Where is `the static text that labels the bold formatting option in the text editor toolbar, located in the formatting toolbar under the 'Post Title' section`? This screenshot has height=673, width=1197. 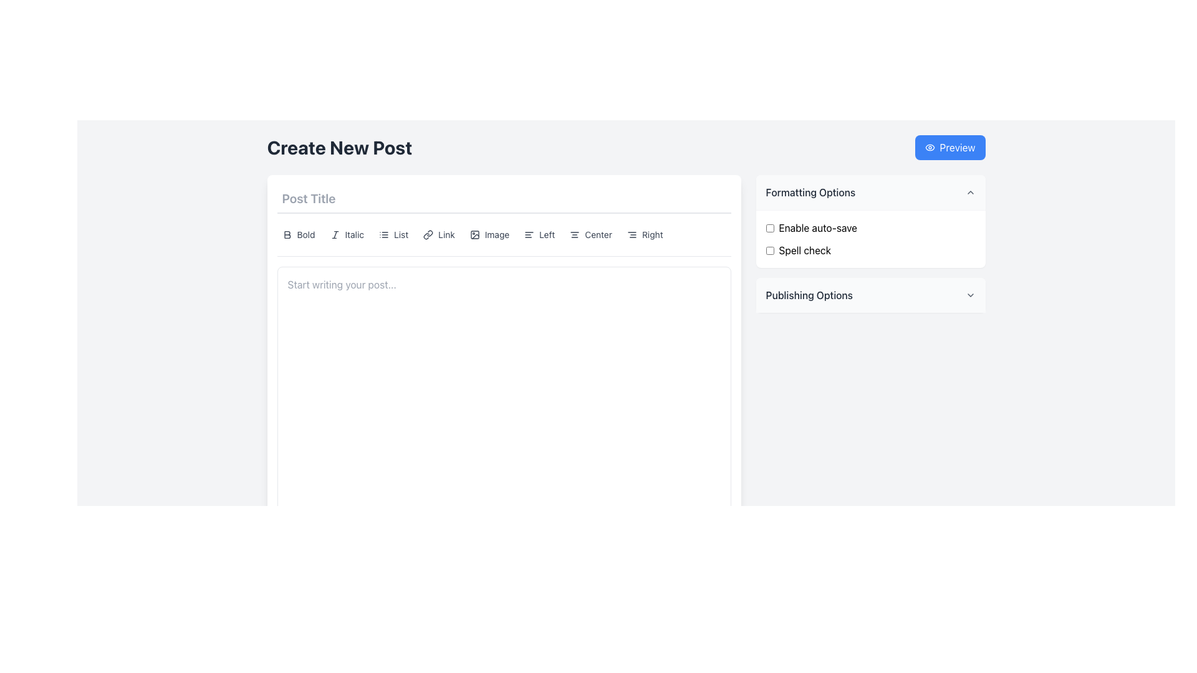
the static text that labels the bold formatting option in the text editor toolbar, located in the formatting toolbar under the 'Post Title' section is located at coordinates (305, 235).